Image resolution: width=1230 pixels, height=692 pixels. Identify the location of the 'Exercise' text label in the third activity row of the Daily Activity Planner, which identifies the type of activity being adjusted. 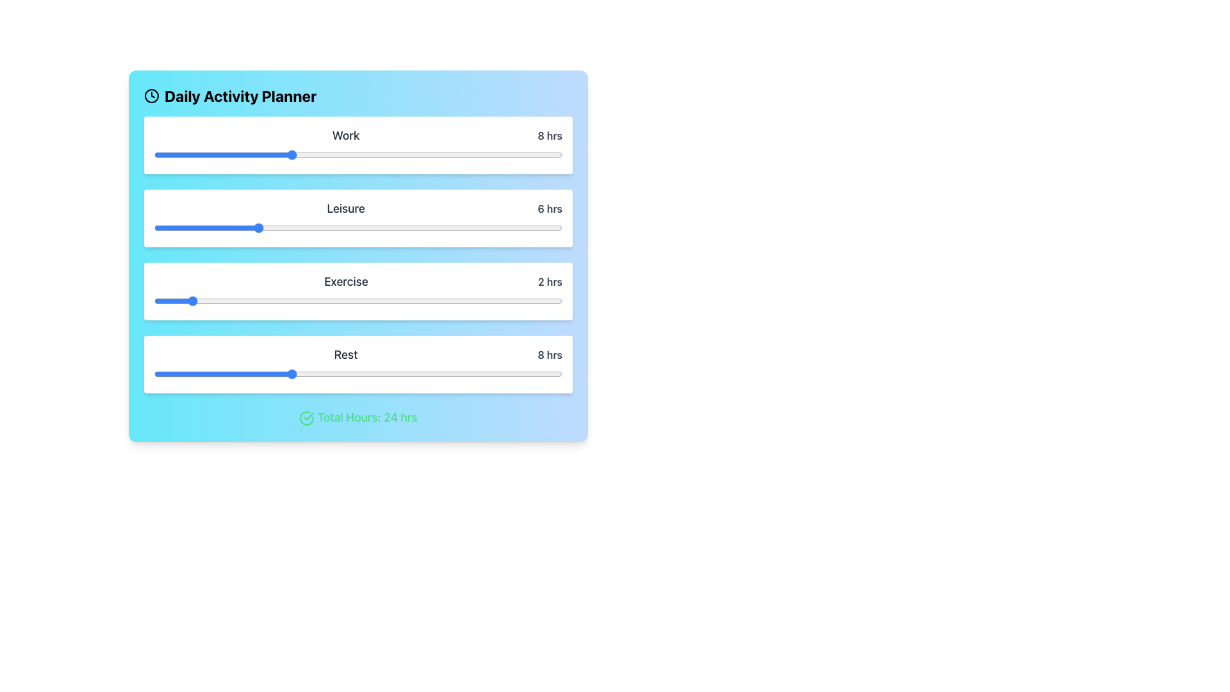
(346, 281).